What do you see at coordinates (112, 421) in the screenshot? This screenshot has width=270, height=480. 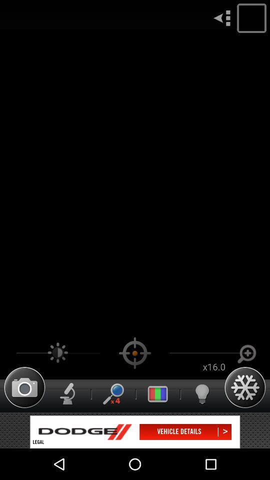 I see `the search icon` at bounding box center [112, 421].